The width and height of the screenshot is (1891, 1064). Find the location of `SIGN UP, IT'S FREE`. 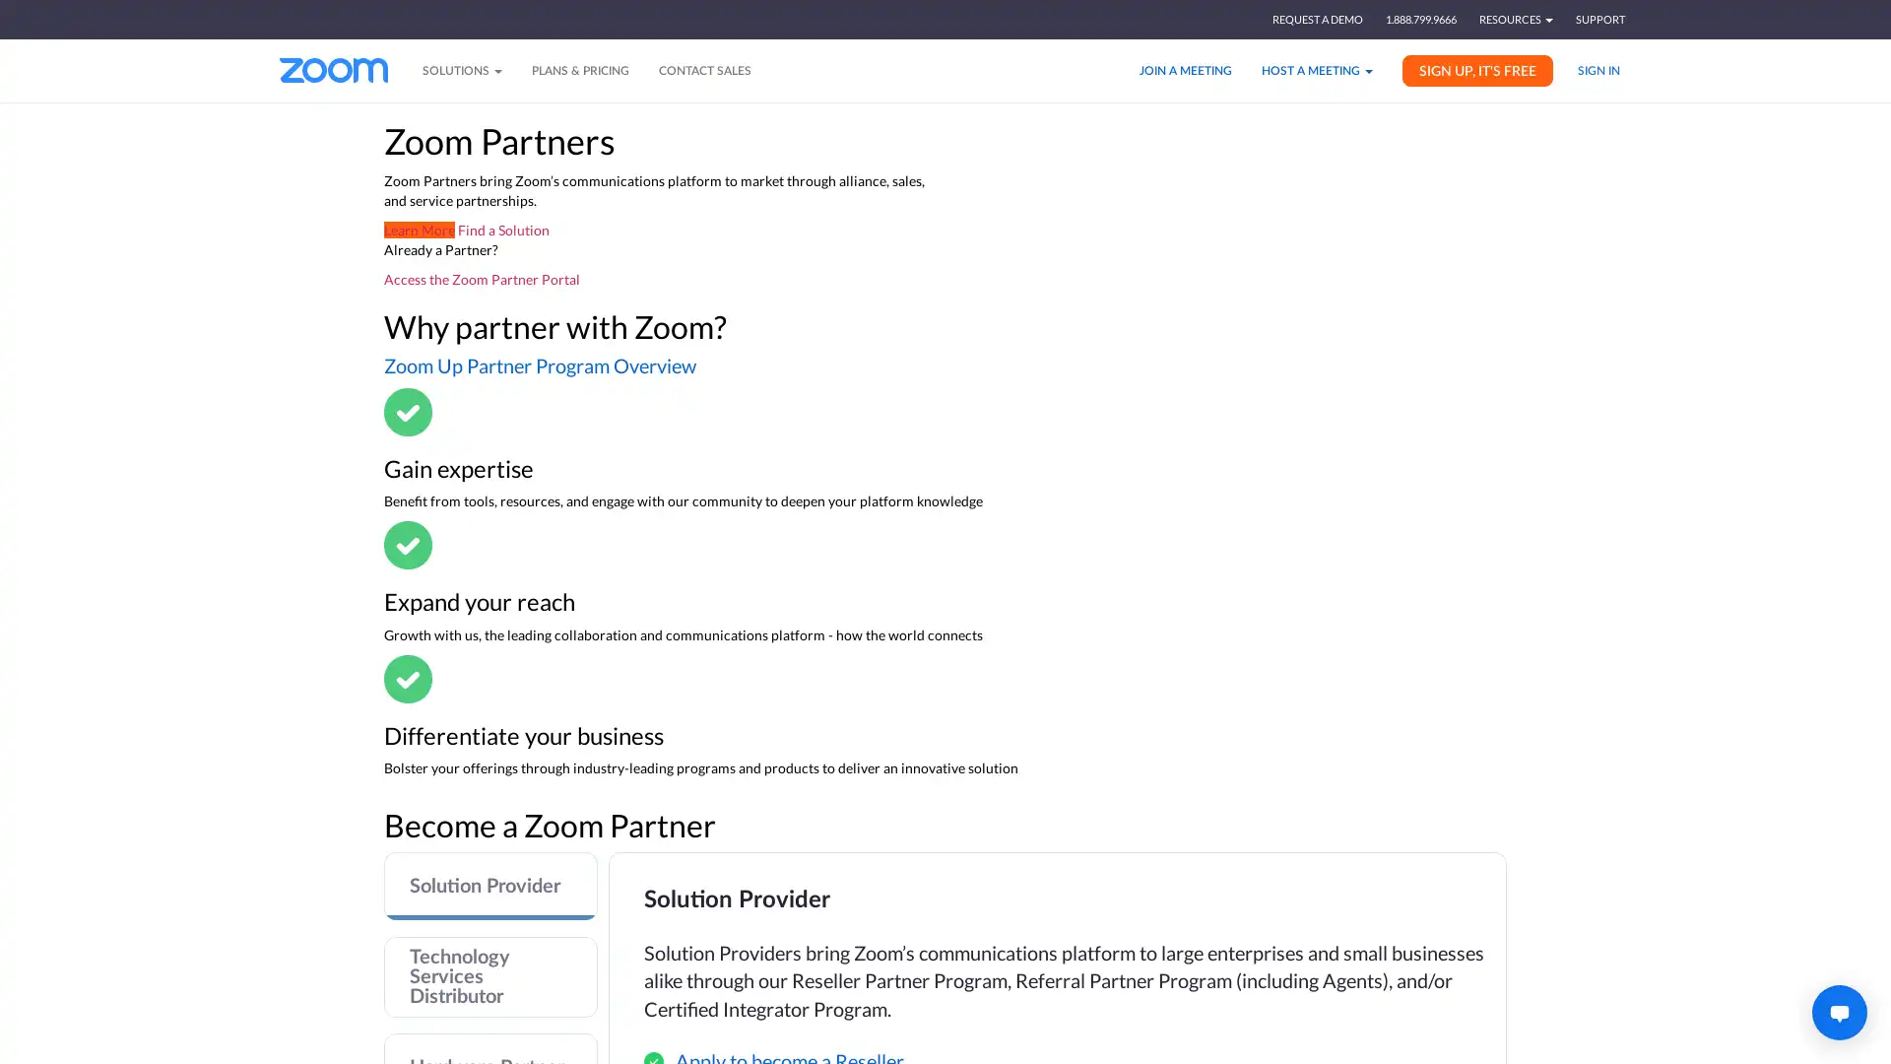

SIGN UP, IT'S FREE is located at coordinates (1477, 68).